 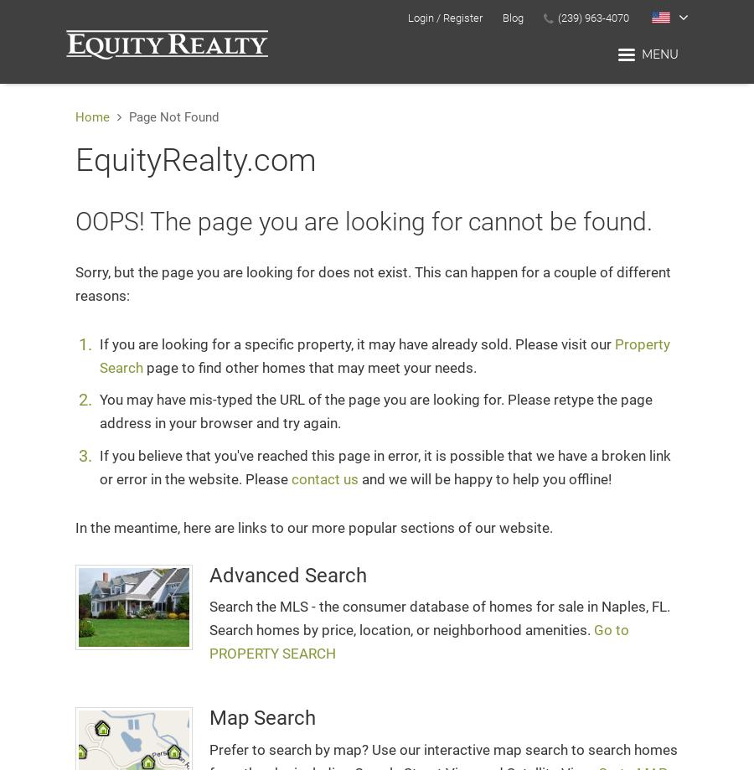 What do you see at coordinates (309, 368) in the screenshot?
I see `'page to find other homes that may meet your needs.'` at bounding box center [309, 368].